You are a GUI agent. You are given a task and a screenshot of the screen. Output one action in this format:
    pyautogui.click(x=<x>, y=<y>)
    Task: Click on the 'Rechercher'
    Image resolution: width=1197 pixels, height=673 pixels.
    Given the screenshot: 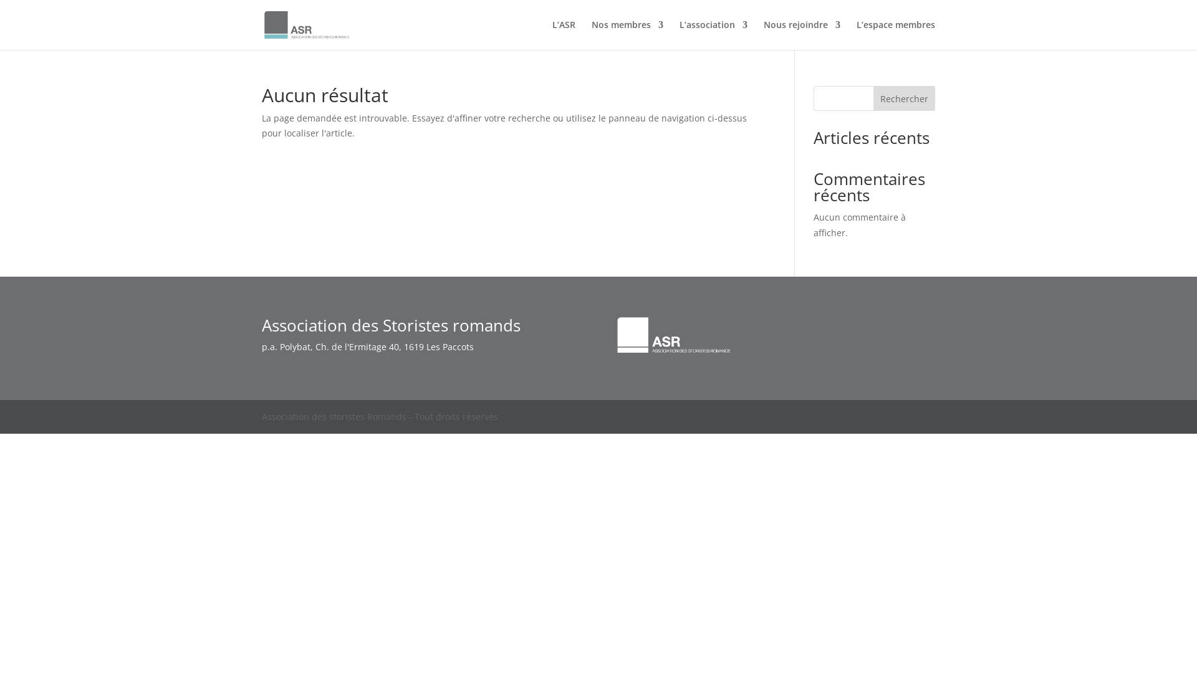 What is the action you would take?
    pyautogui.click(x=873, y=98)
    